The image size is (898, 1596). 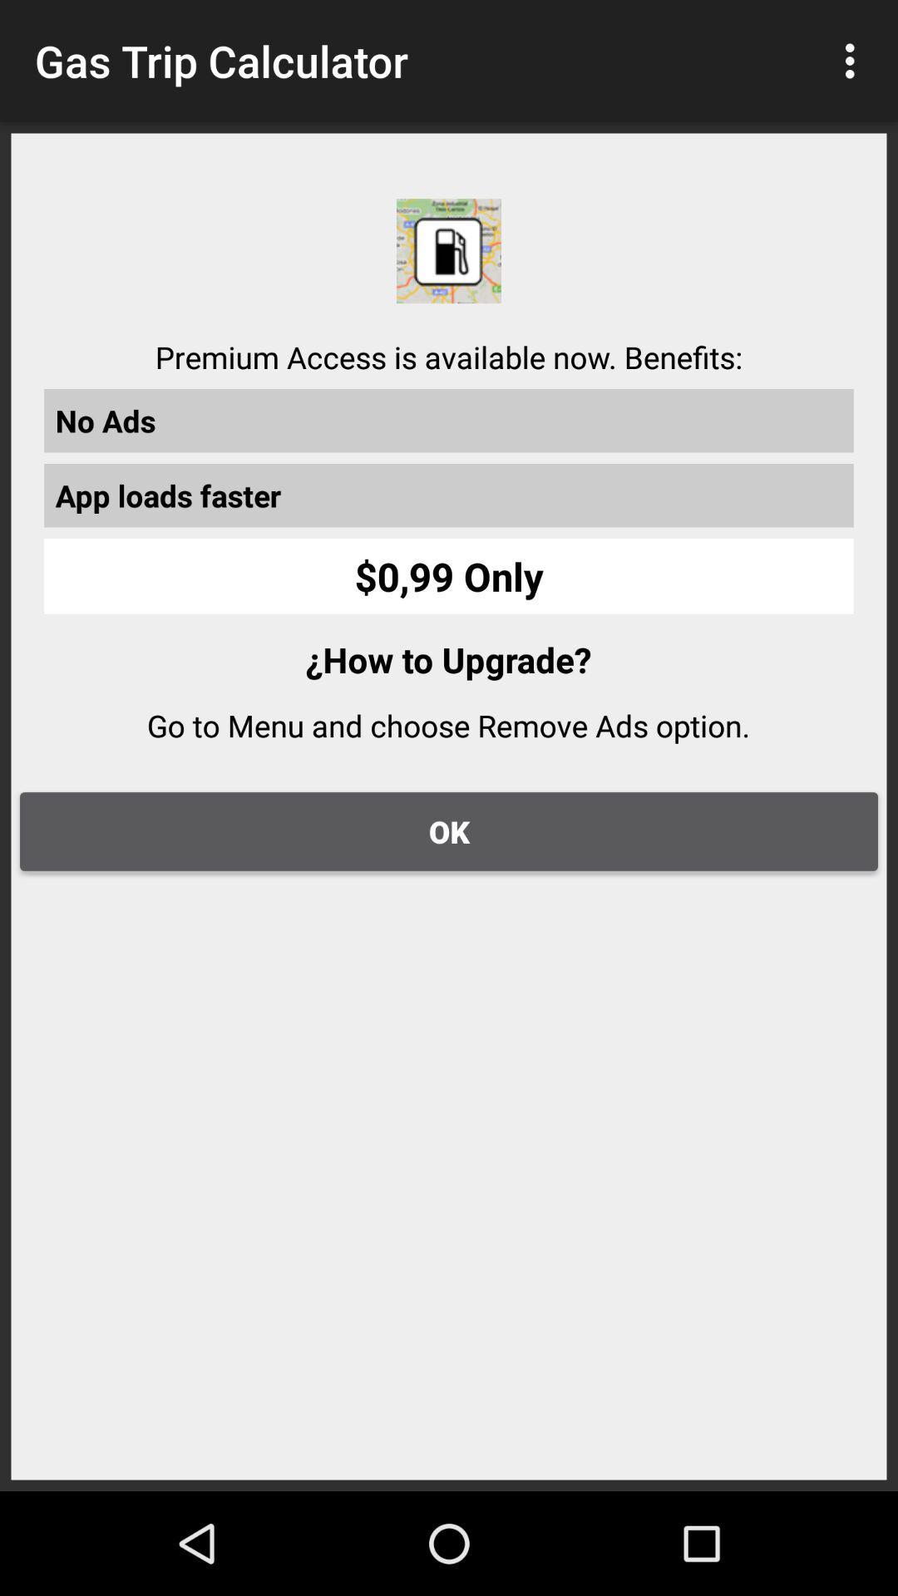 I want to click on app below go to menu app, so click(x=449, y=831).